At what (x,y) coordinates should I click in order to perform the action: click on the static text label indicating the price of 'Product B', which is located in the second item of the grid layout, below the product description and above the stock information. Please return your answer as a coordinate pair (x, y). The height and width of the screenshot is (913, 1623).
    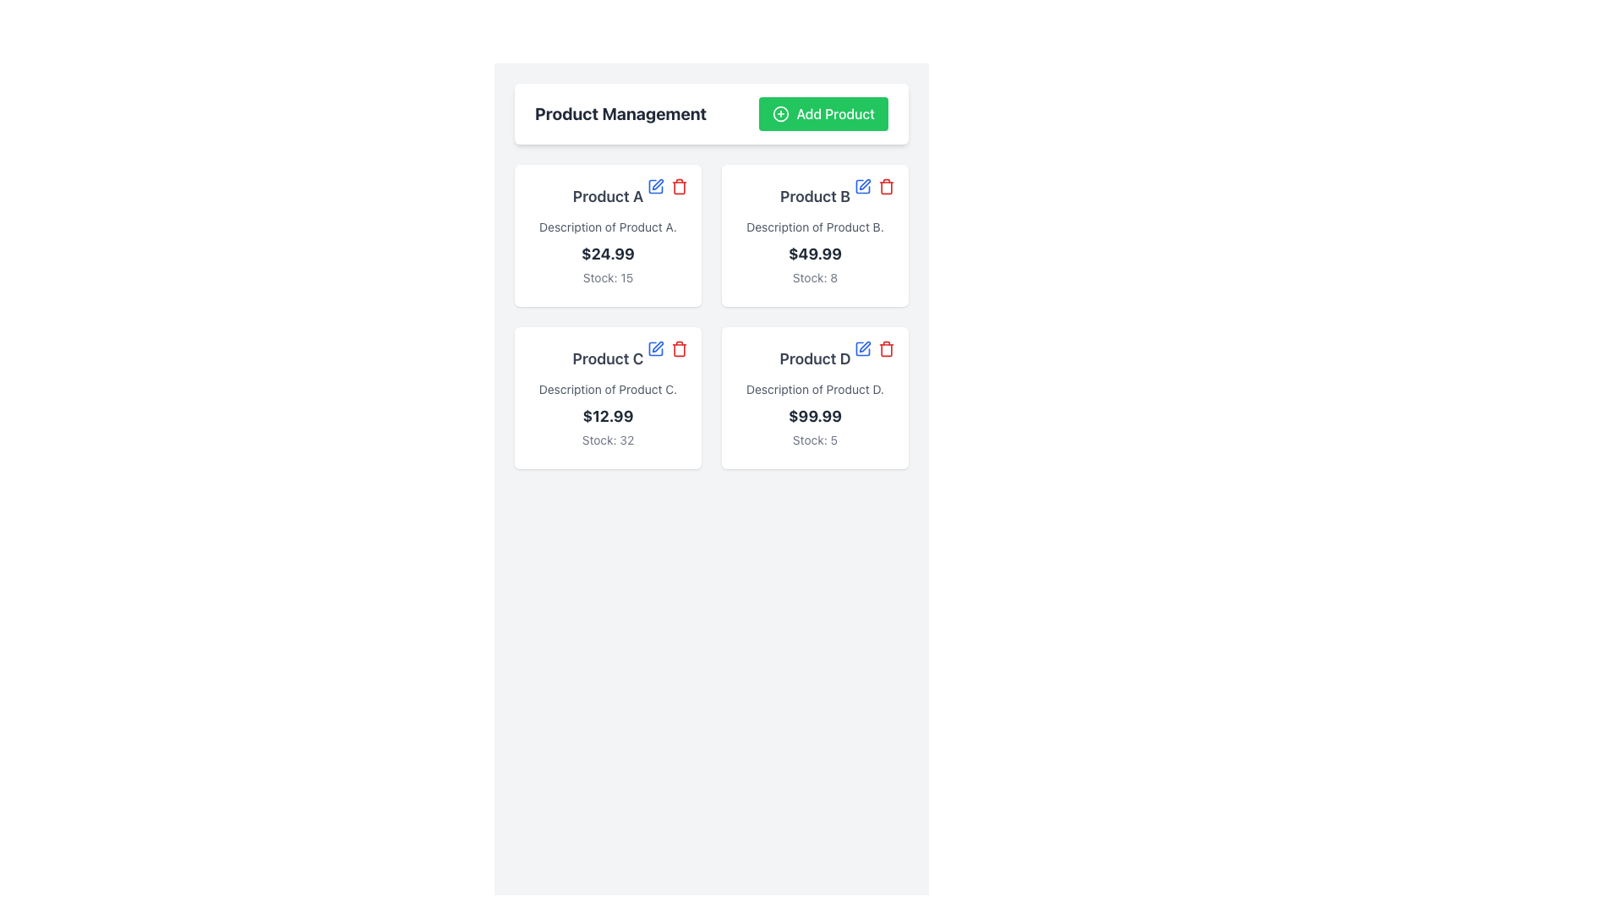
    Looking at the image, I should click on (815, 254).